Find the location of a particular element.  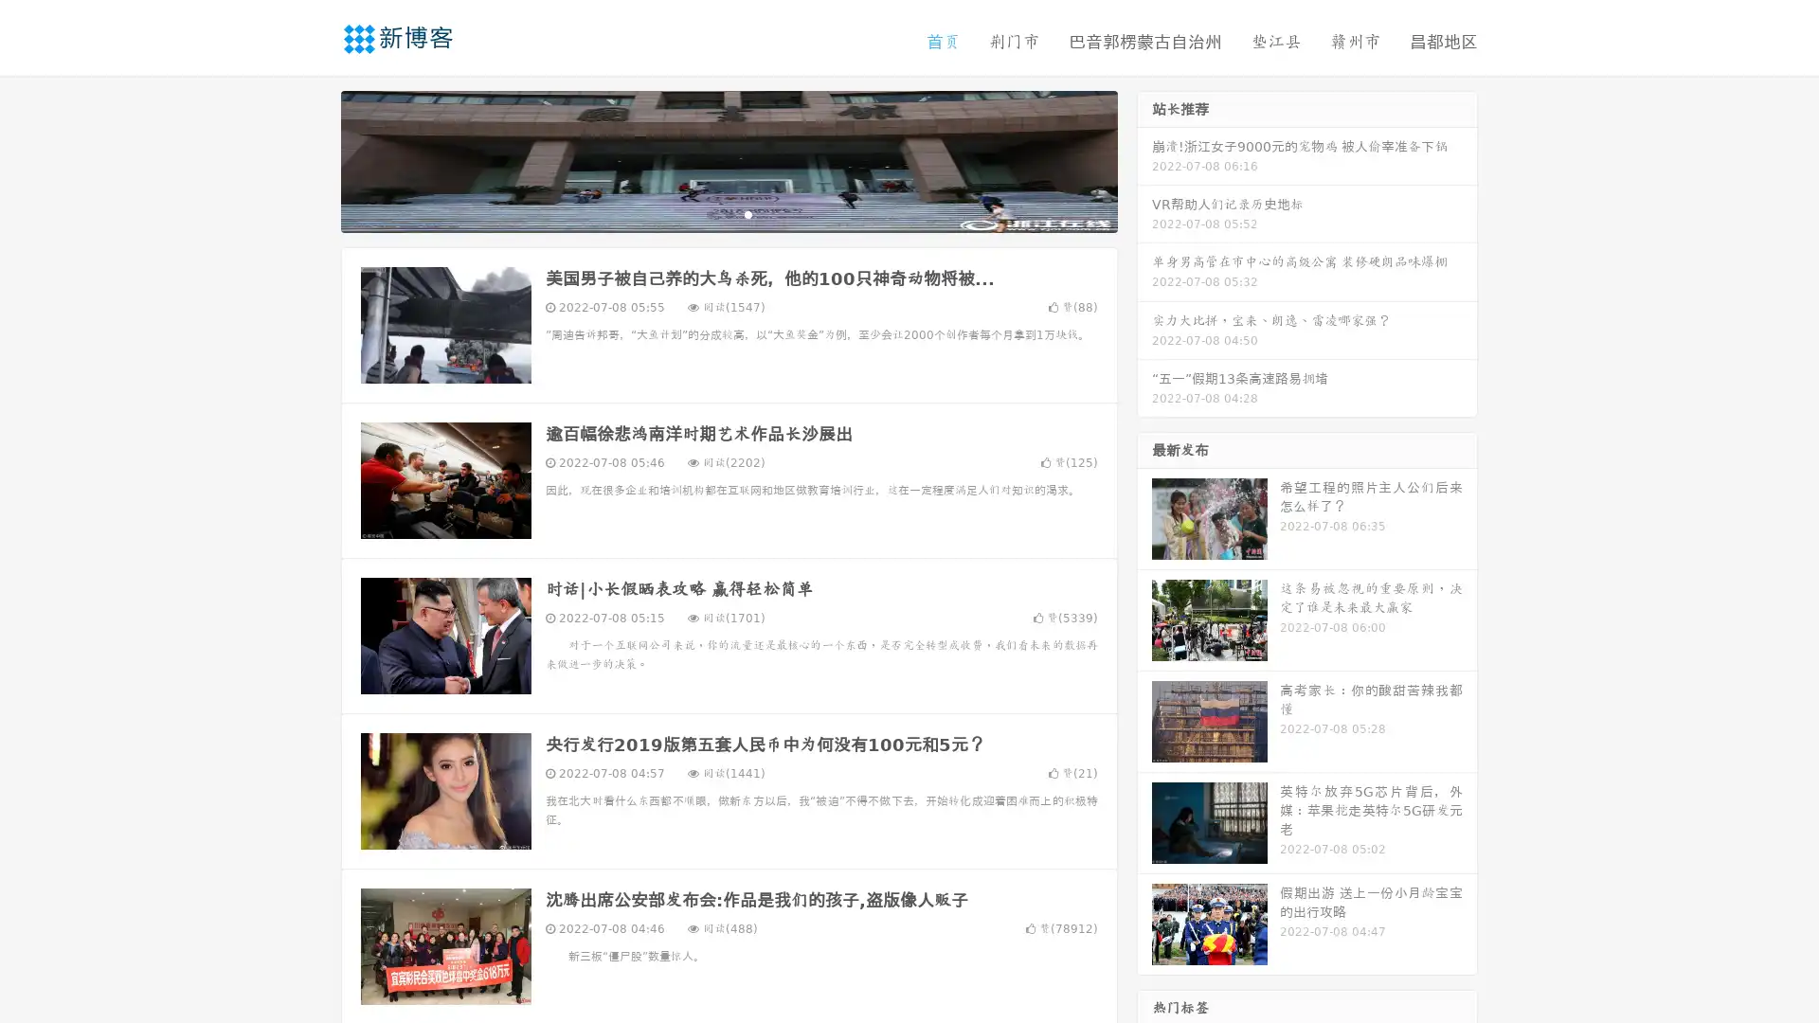

Go to slide 1 is located at coordinates (709, 213).